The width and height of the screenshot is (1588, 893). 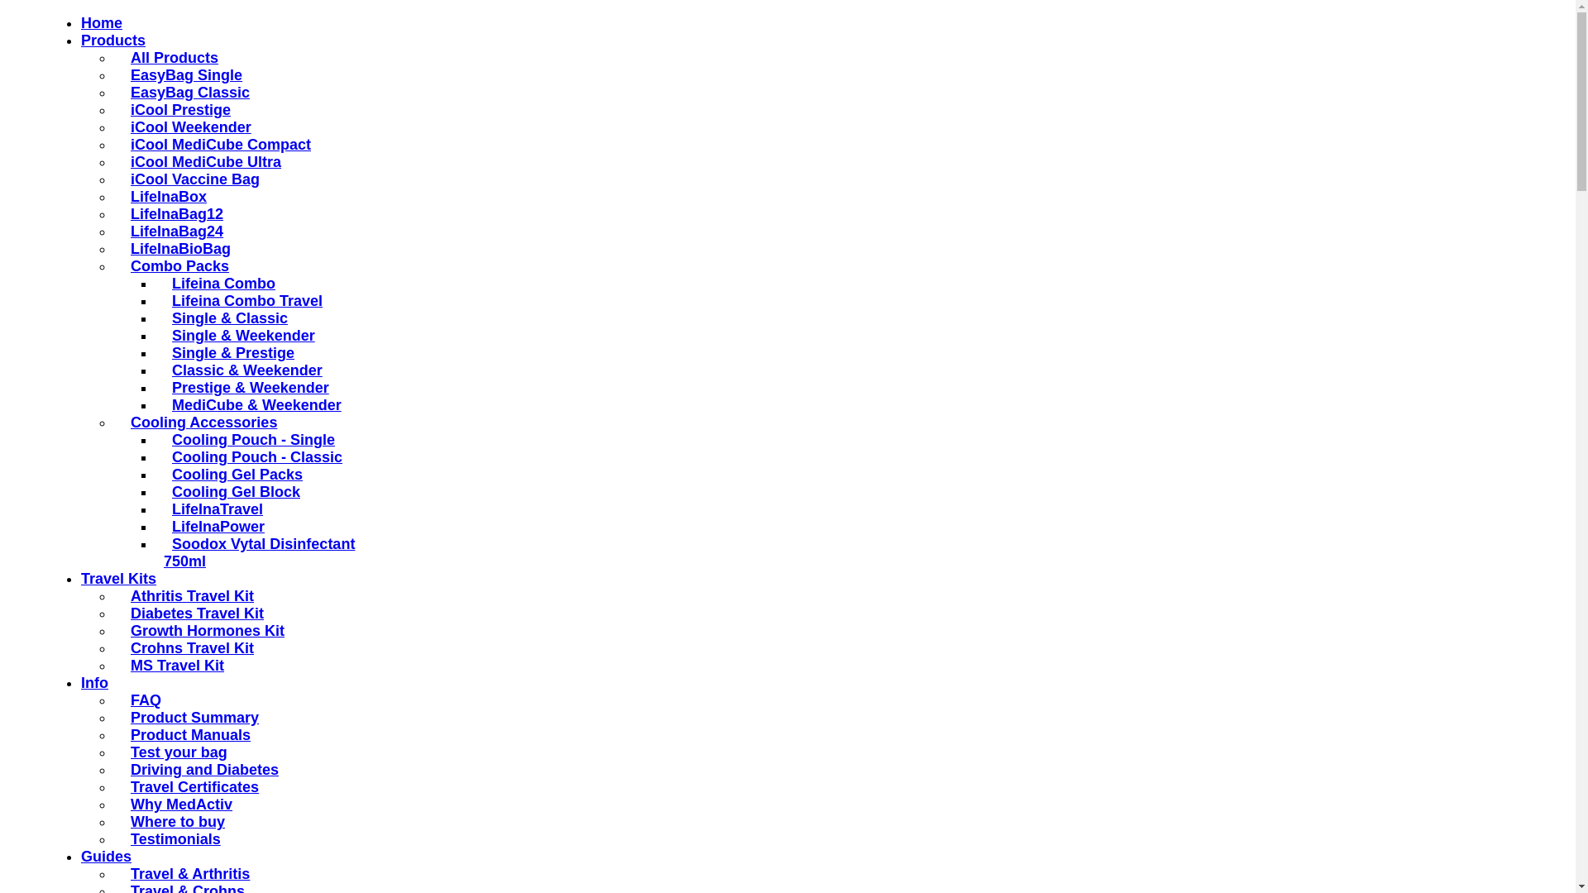 What do you see at coordinates (163, 456) in the screenshot?
I see `'Cooling Pouch - Classic'` at bounding box center [163, 456].